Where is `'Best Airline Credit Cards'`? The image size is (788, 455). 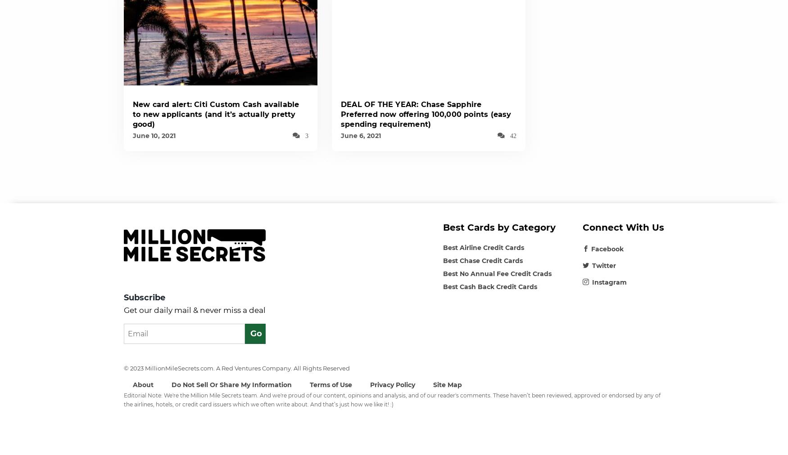
'Best Airline Credit Cards' is located at coordinates (483, 247).